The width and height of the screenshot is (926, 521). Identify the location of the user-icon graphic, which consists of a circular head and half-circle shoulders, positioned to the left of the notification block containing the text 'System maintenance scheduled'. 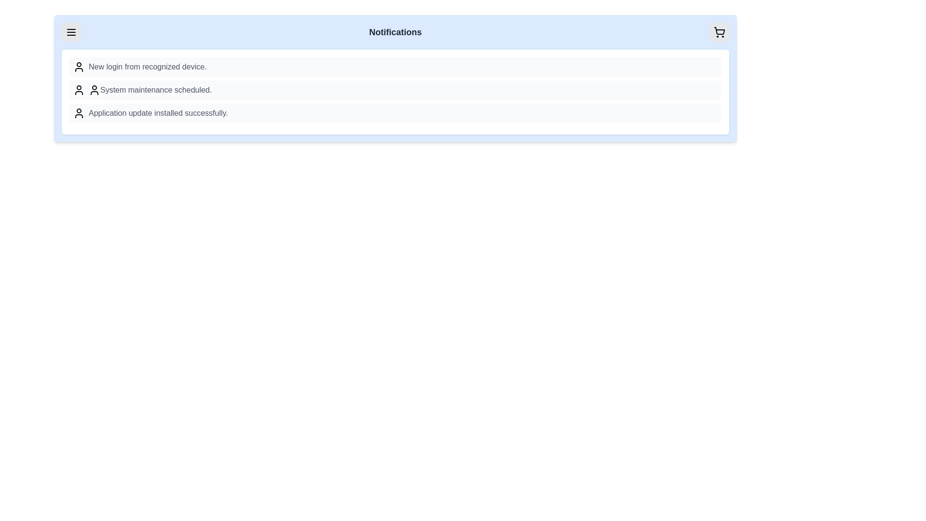
(79, 90).